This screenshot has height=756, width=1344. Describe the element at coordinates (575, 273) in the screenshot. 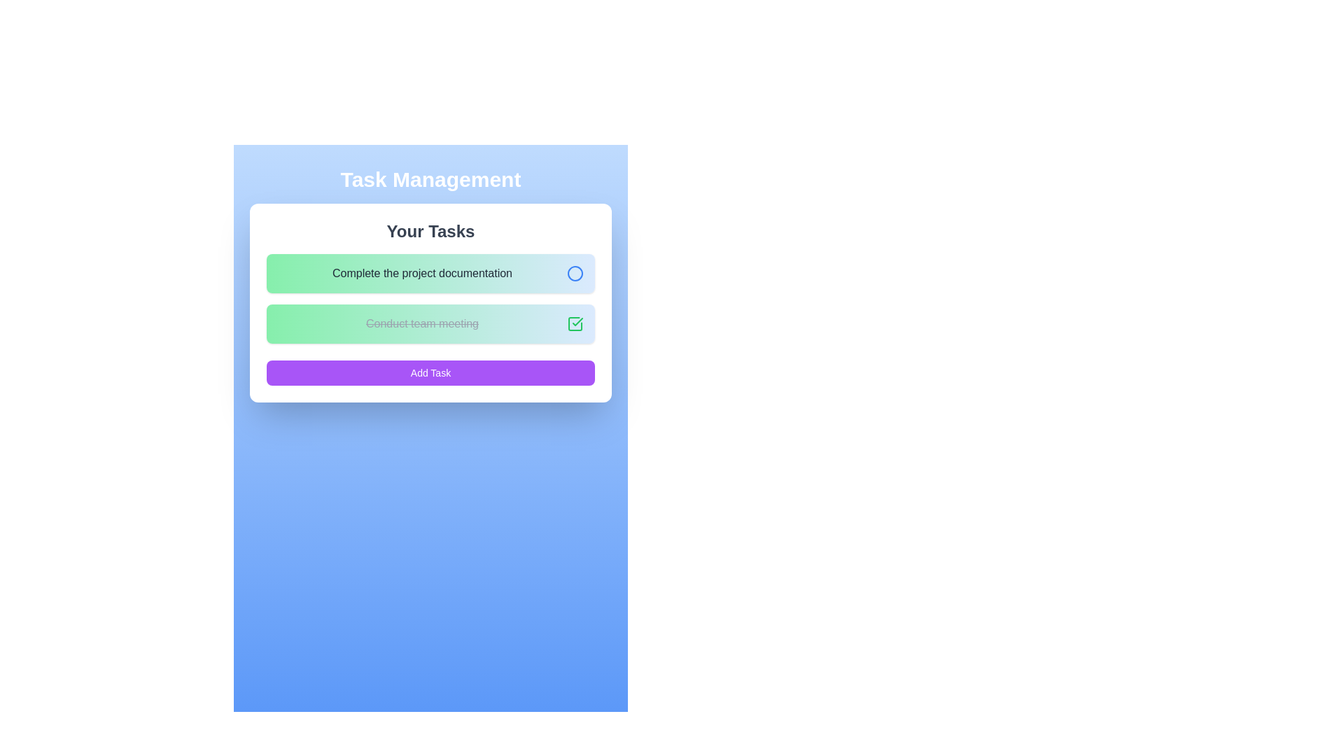

I see `the circular graphic or button that serves as a status indicator for the task 'Complete the project documentation' in the top task row of the task management UI` at that location.